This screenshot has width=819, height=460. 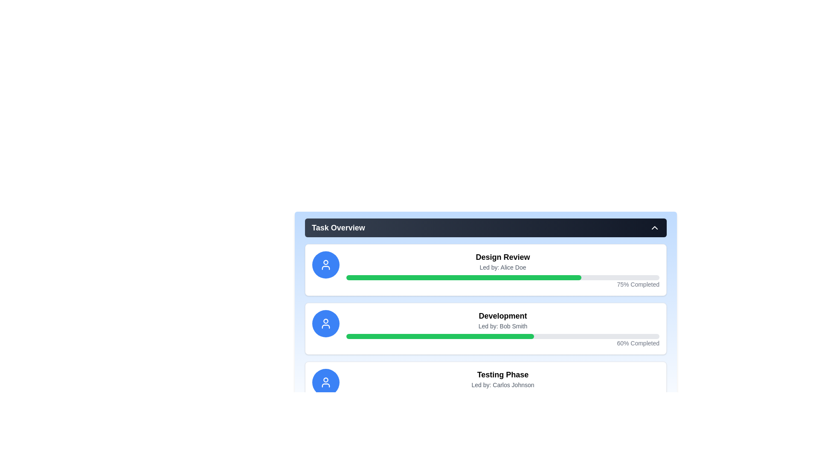 I want to click on the Progress Bar element that visually represents the completion progress for the 'Design Review' task, situated between 'Led by: Alice Doe' and '75% Completed', so click(x=503, y=277).